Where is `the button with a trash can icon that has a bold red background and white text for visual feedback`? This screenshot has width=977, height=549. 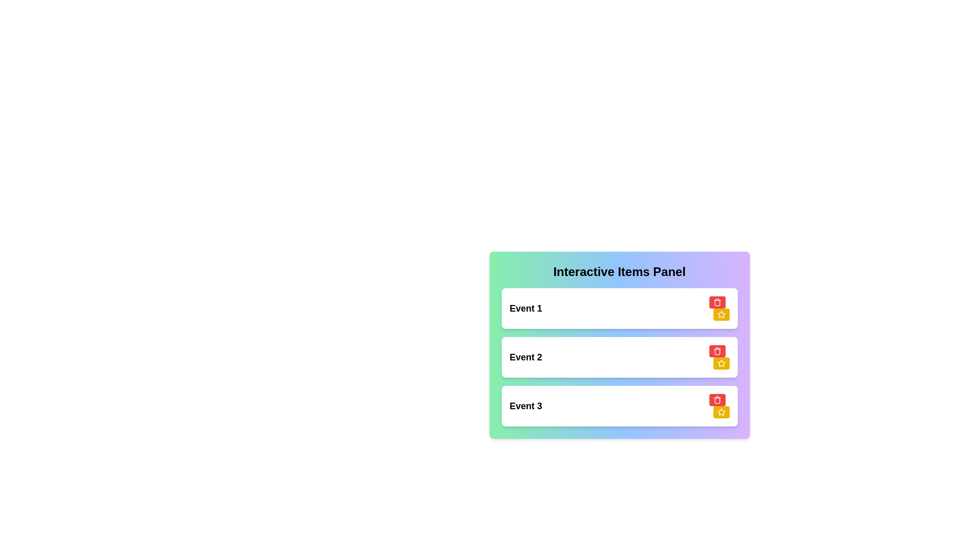
the button with a trash can icon that has a bold red background and white text for visual feedback is located at coordinates (716, 301).